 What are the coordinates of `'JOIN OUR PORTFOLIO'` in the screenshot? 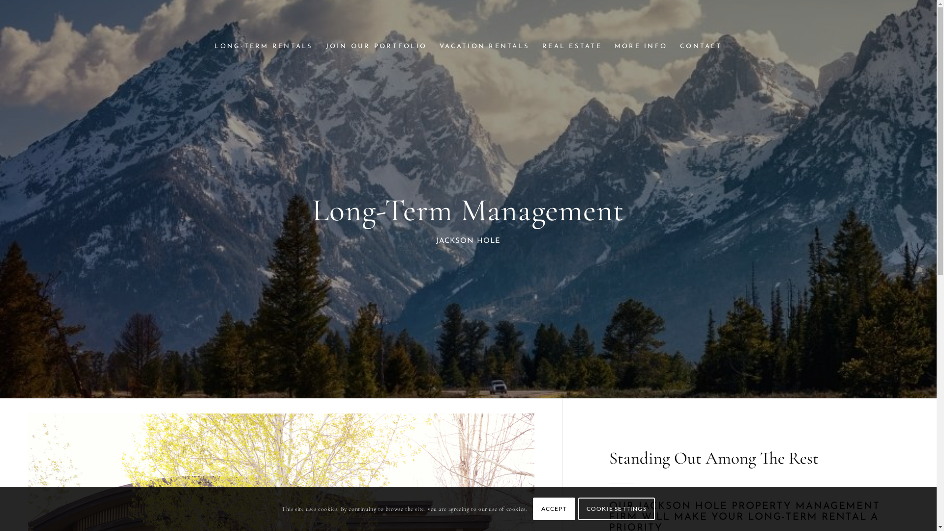 It's located at (376, 47).